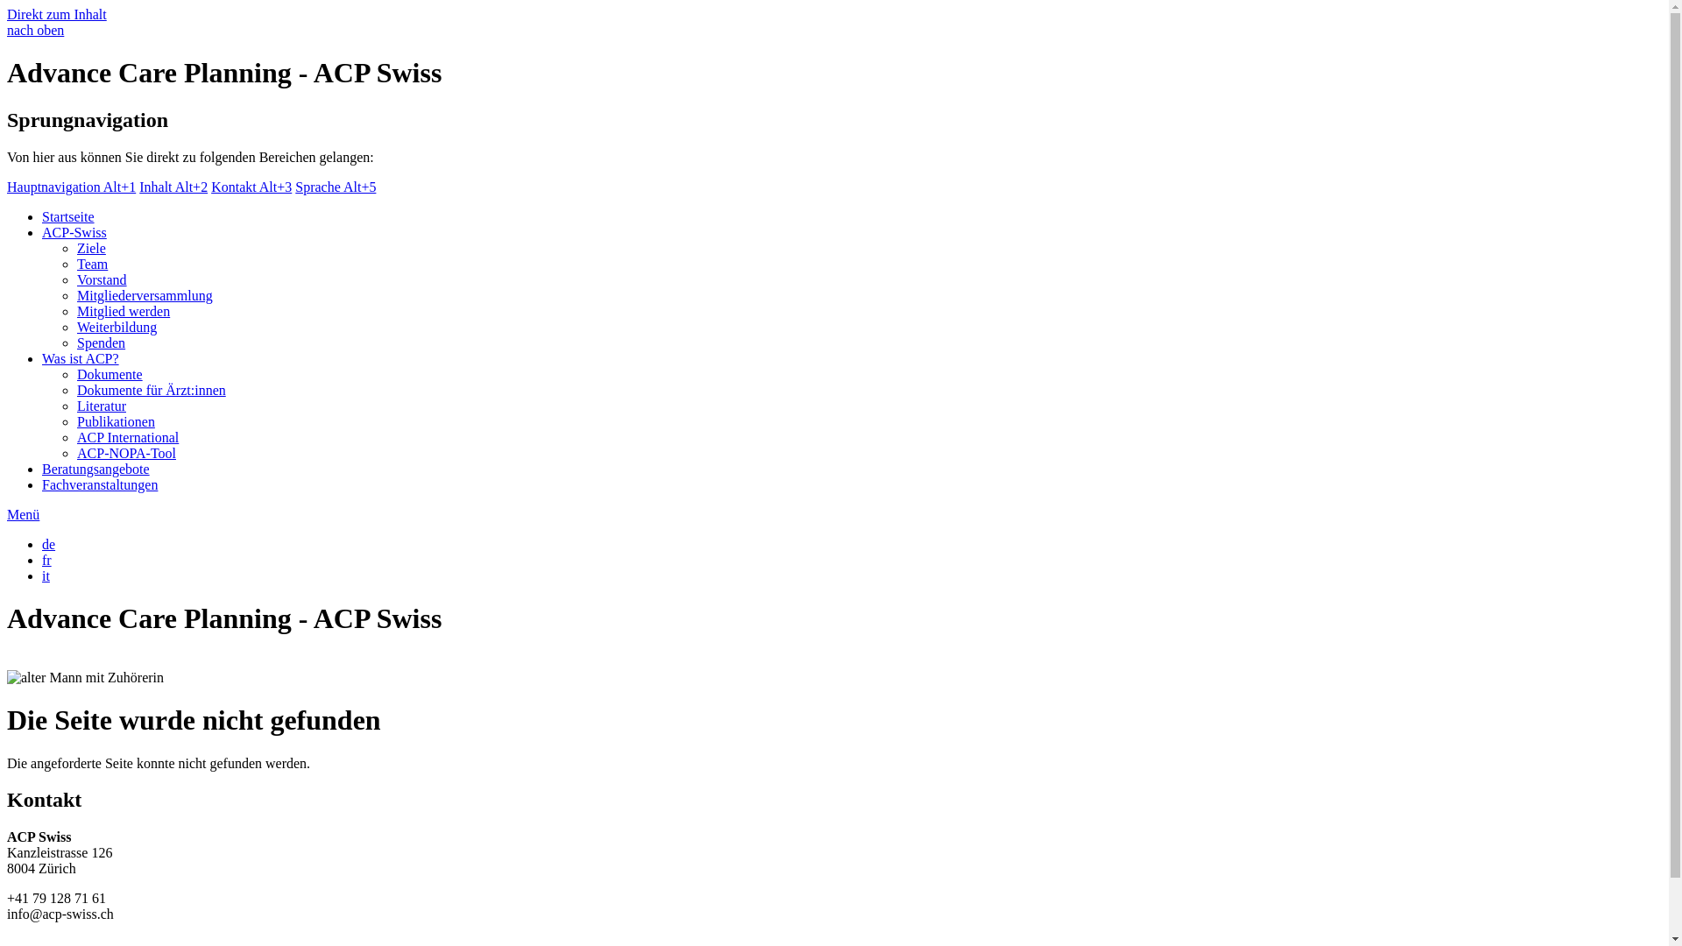 This screenshot has width=1682, height=946. Describe the element at coordinates (126, 436) in the screenshot. I see `'ACP International'` at that location.